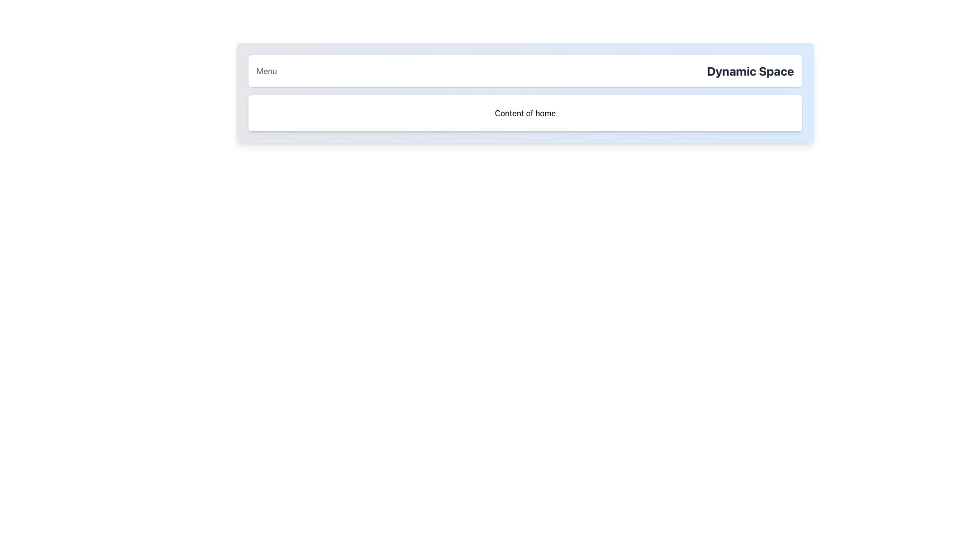 The width and height of the screenshot is (962, 541). What do you see at coordinates (267, 71) in the screenshot?
I see `the 'Menu' text label on the left side of the header bar` at bounding box center [267, 71].